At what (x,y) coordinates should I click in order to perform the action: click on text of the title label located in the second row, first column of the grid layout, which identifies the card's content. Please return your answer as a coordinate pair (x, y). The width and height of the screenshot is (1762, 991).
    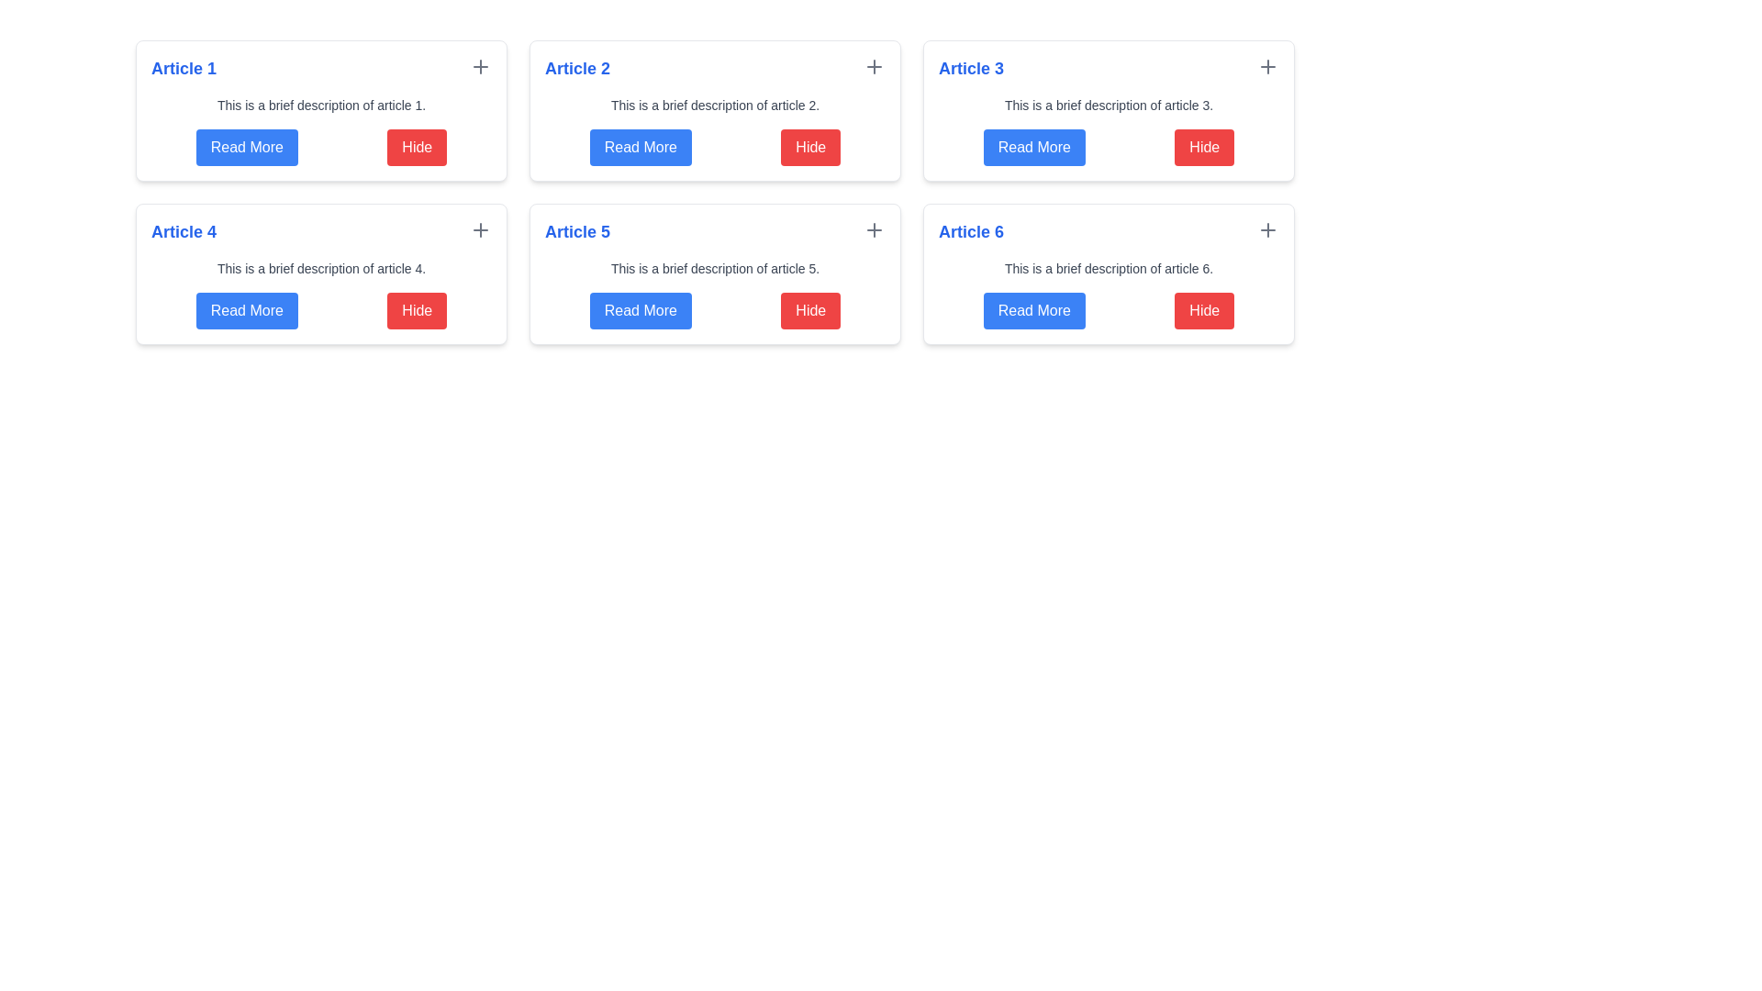
    Looking at the image, I should click on (576, 231).